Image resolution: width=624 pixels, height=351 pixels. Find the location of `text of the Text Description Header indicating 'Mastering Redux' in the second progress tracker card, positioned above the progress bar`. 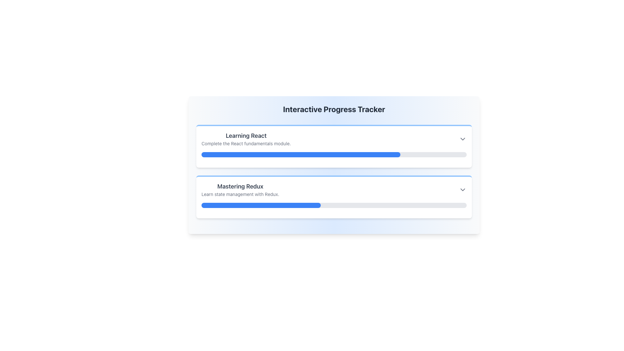

text of the Text Description Header indicating 'Mastering Redux' in the second progress tracker card, positioned above the progress bar is located at coordinates (240, 189).